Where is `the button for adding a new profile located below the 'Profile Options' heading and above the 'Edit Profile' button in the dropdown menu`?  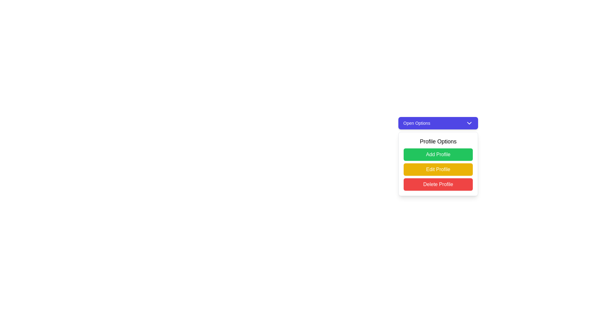 the button for adding a new profile located below the 'Profile Options' heading and above the 'Edit Profile' button in the dropdown menu is located at coordinates (438, 154).